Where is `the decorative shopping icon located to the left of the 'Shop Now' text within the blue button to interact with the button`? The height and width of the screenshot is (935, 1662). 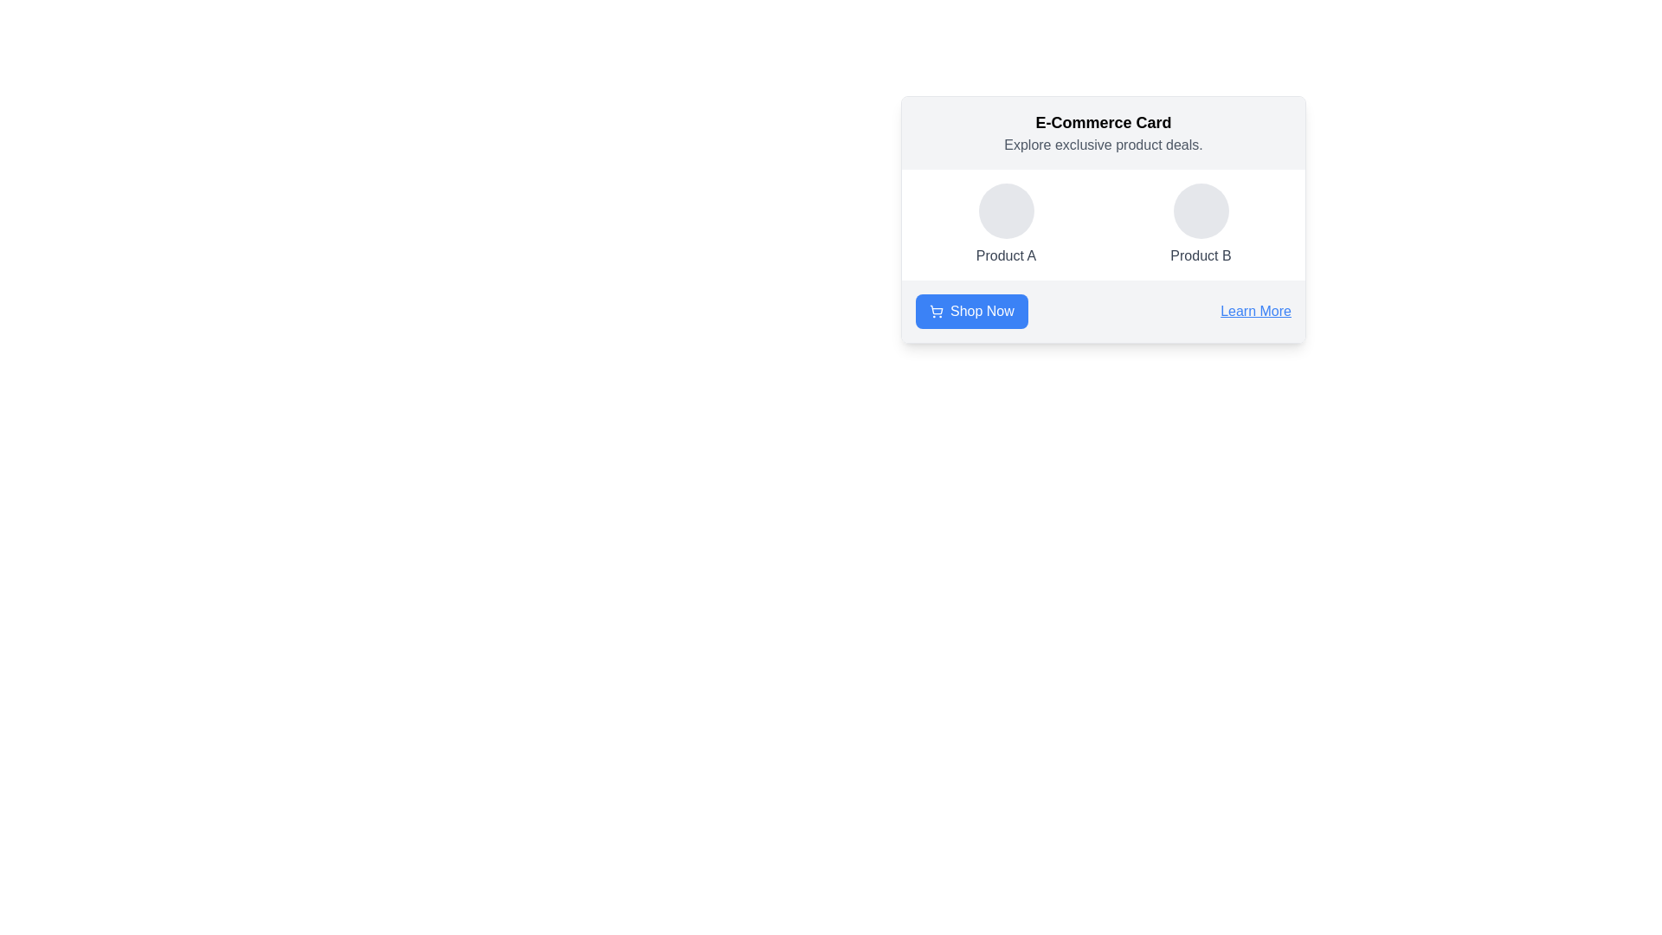 the decorative shopping icon located to the left of the 'Shop Now' text within the blue button to interact with the button is located at coordinates (935, 310).